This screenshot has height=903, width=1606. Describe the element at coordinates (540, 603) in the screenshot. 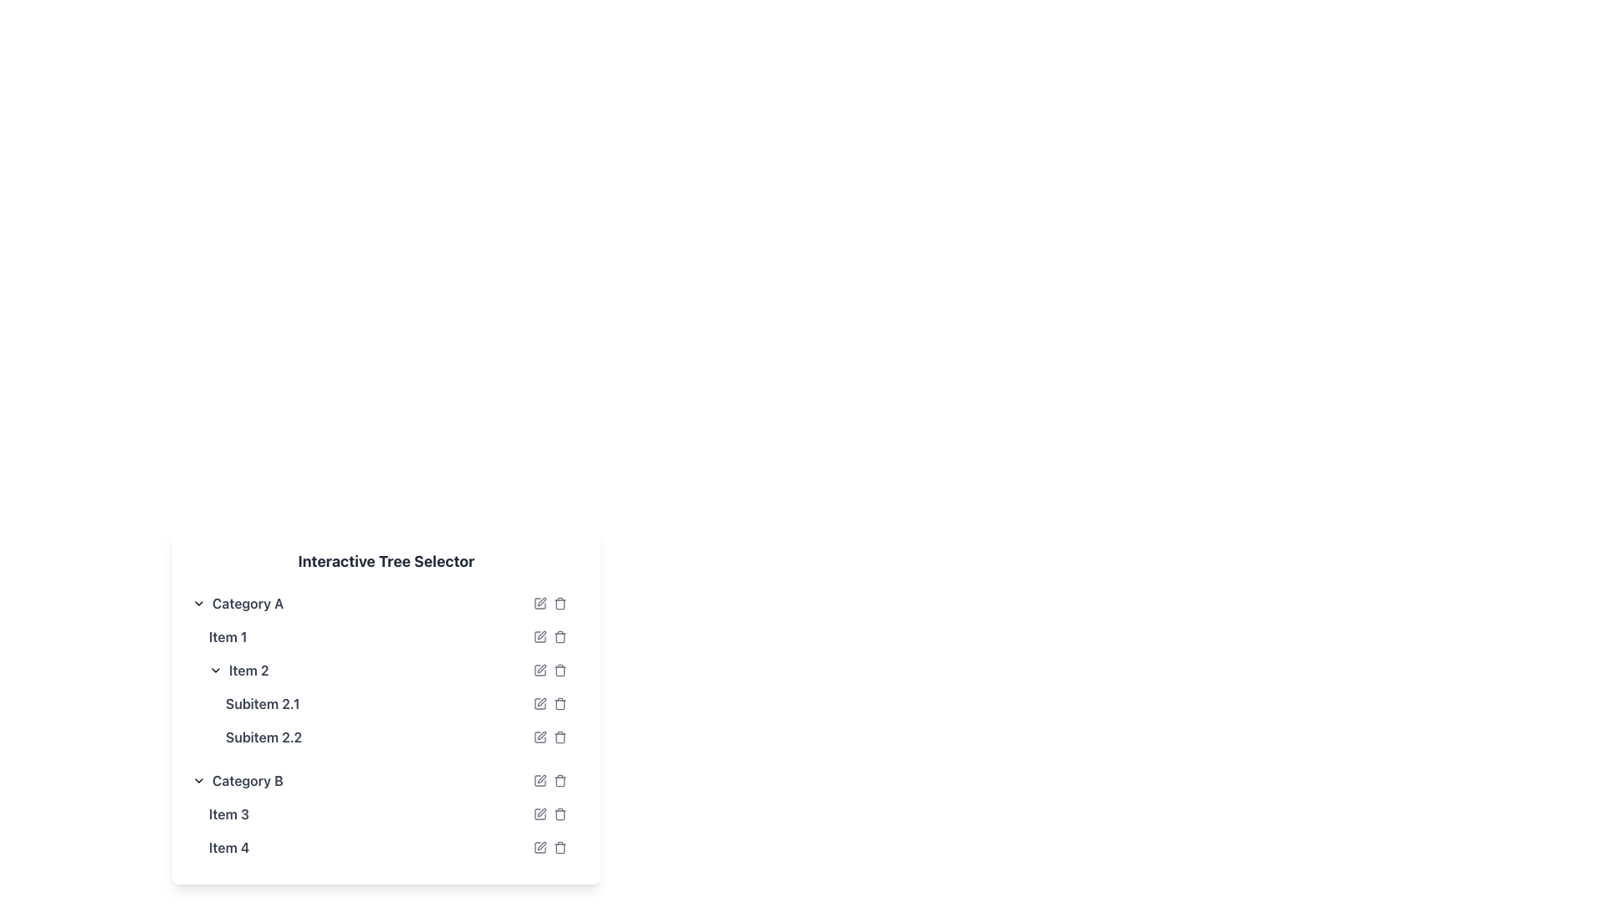

I see `the Edit icon button, which is a square icon featuring a pen symbol, located on the right side of the 'Category A' label in the 'Interactive Tree Selector' interface, to observe the color change effect` at that location.